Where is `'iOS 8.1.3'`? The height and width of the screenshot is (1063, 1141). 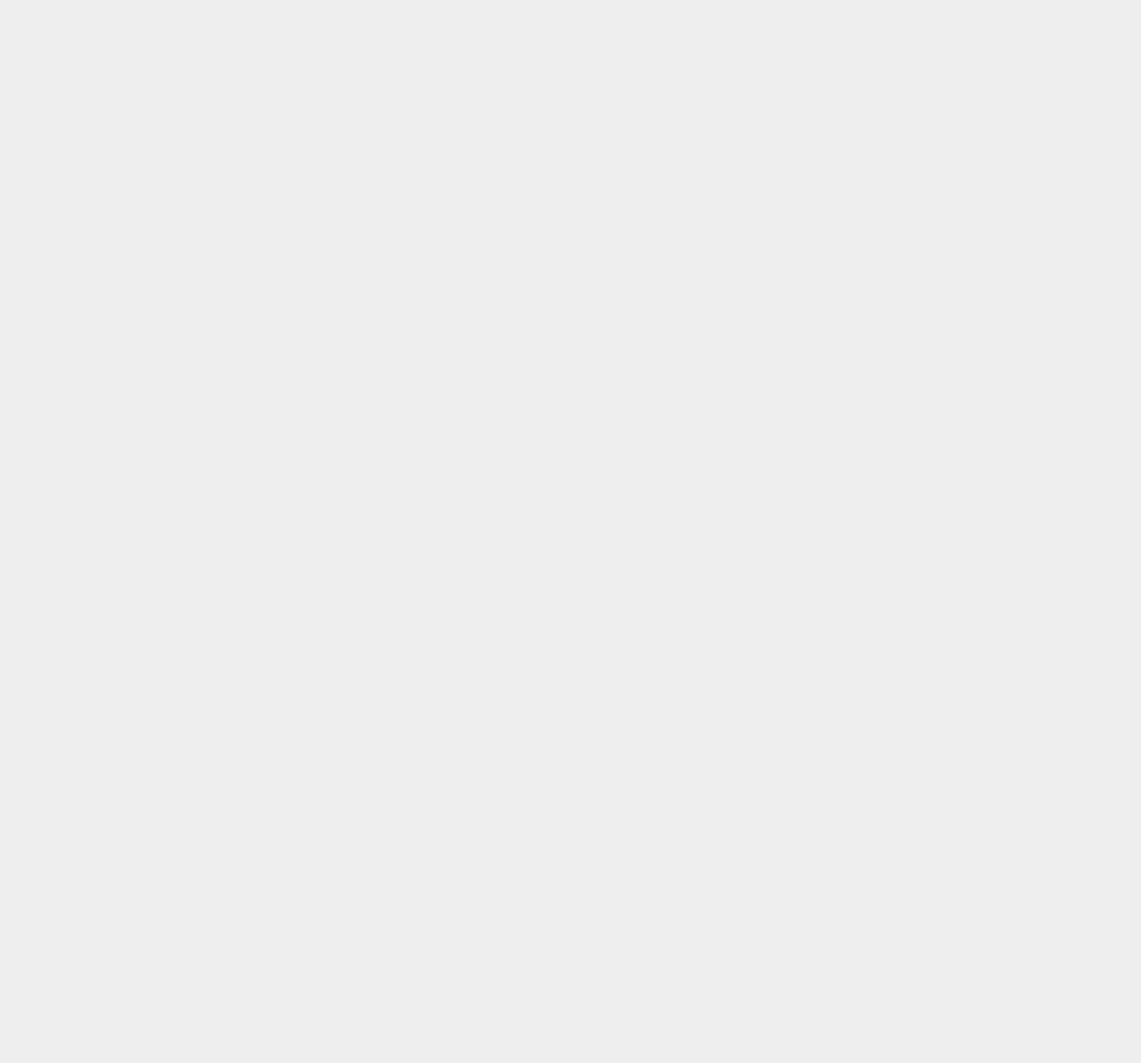 'iOS 8.1.3' is located at coordinates (832, 86).